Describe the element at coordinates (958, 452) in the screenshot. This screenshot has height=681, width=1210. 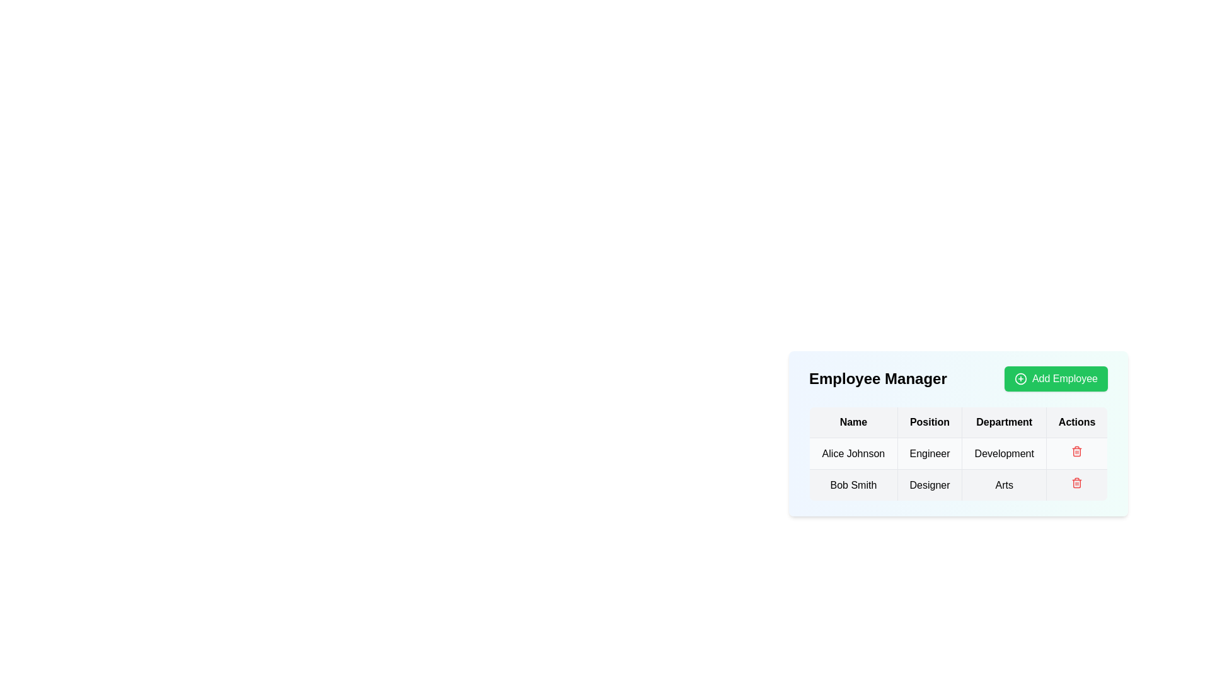
I see `the topmost row of the employee data table` at that location.